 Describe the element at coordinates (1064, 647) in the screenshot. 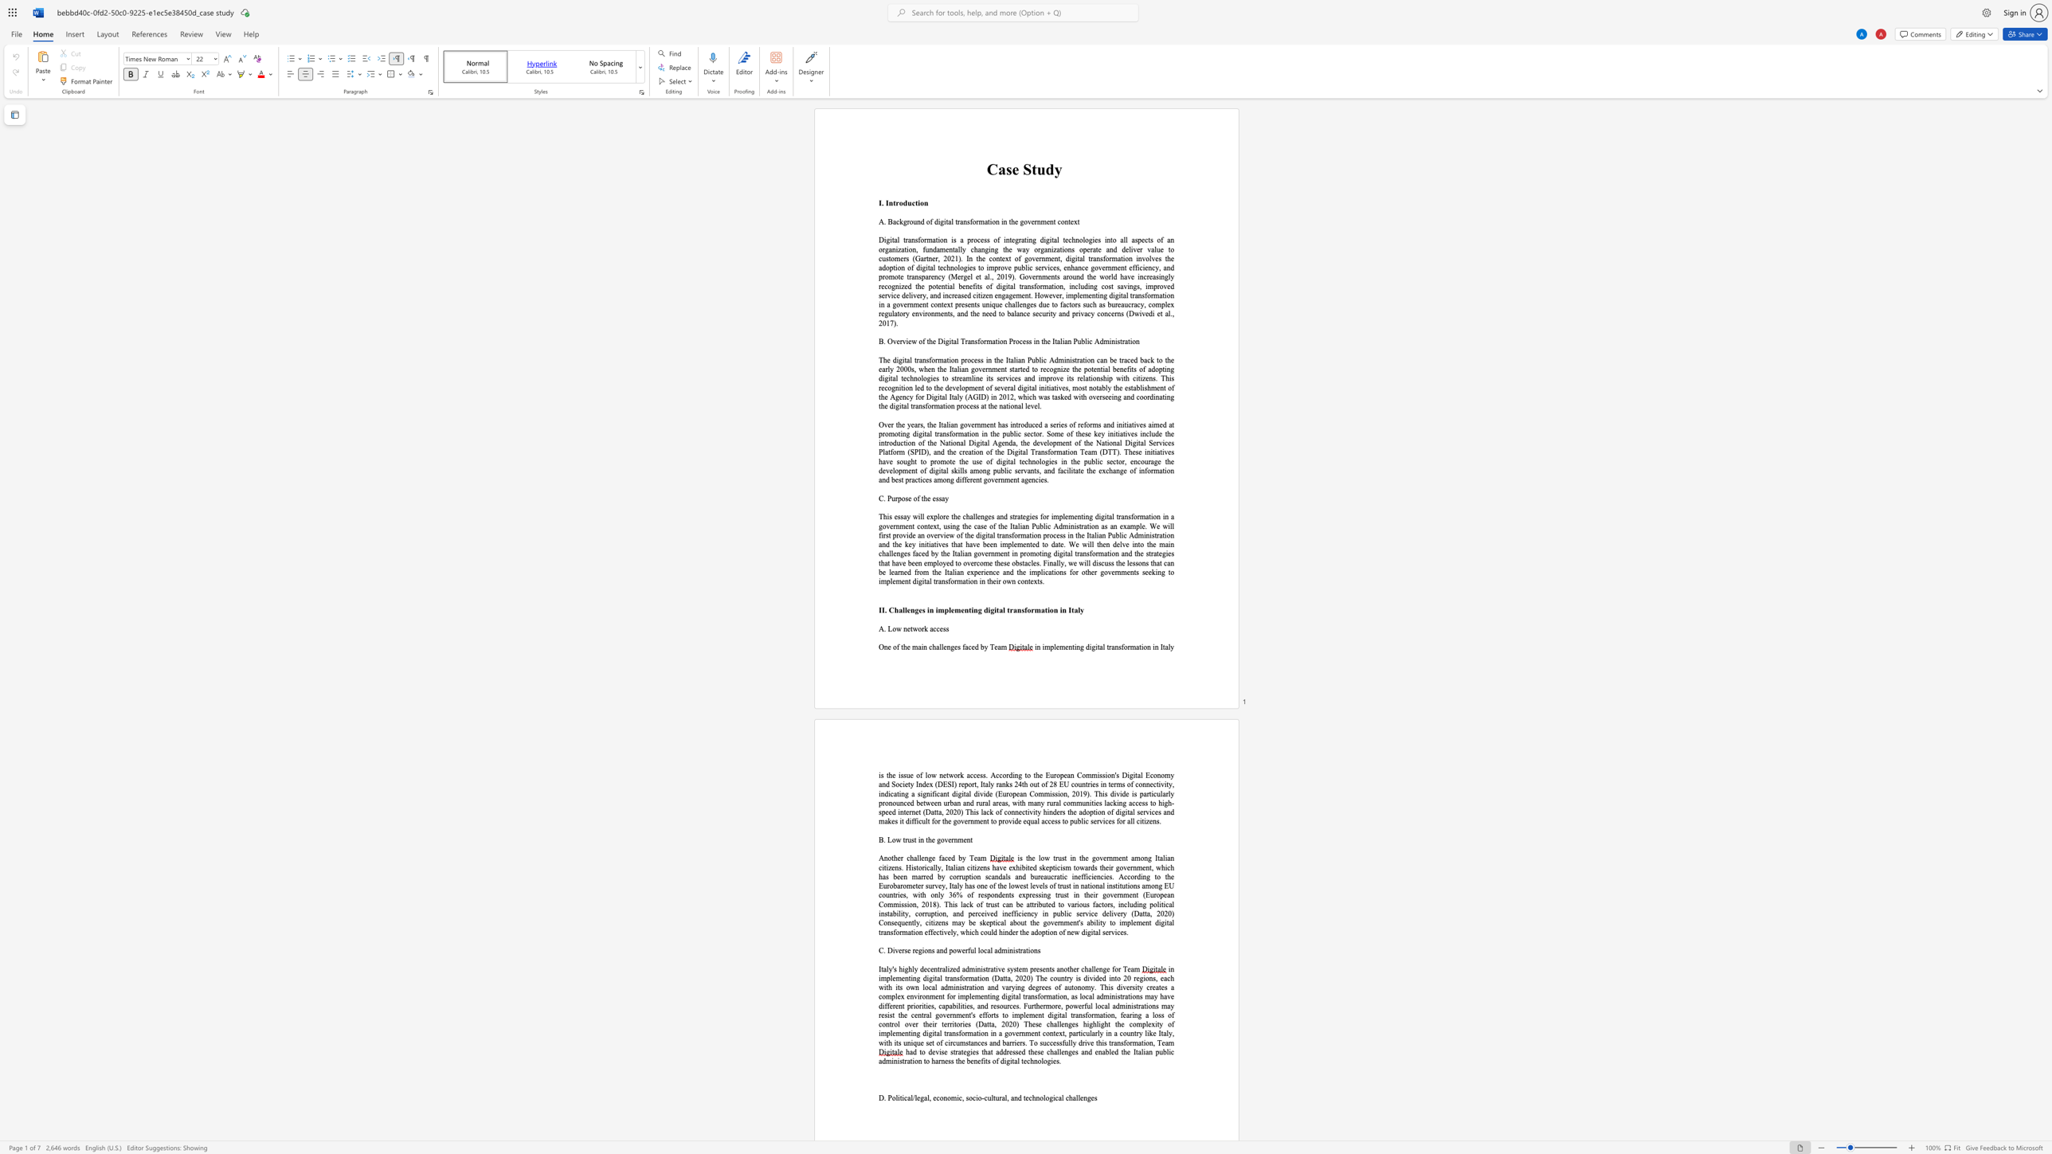

I see `the subset text "enting digit" within the text "in implementing digital transformation in Italy"` at that location.